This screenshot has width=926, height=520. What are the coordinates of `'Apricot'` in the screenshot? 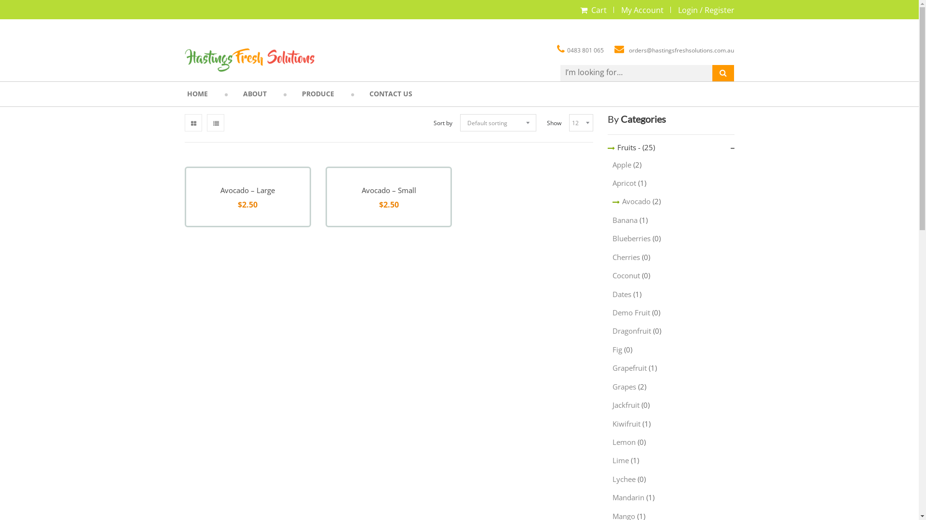 It's located at (624, 183).